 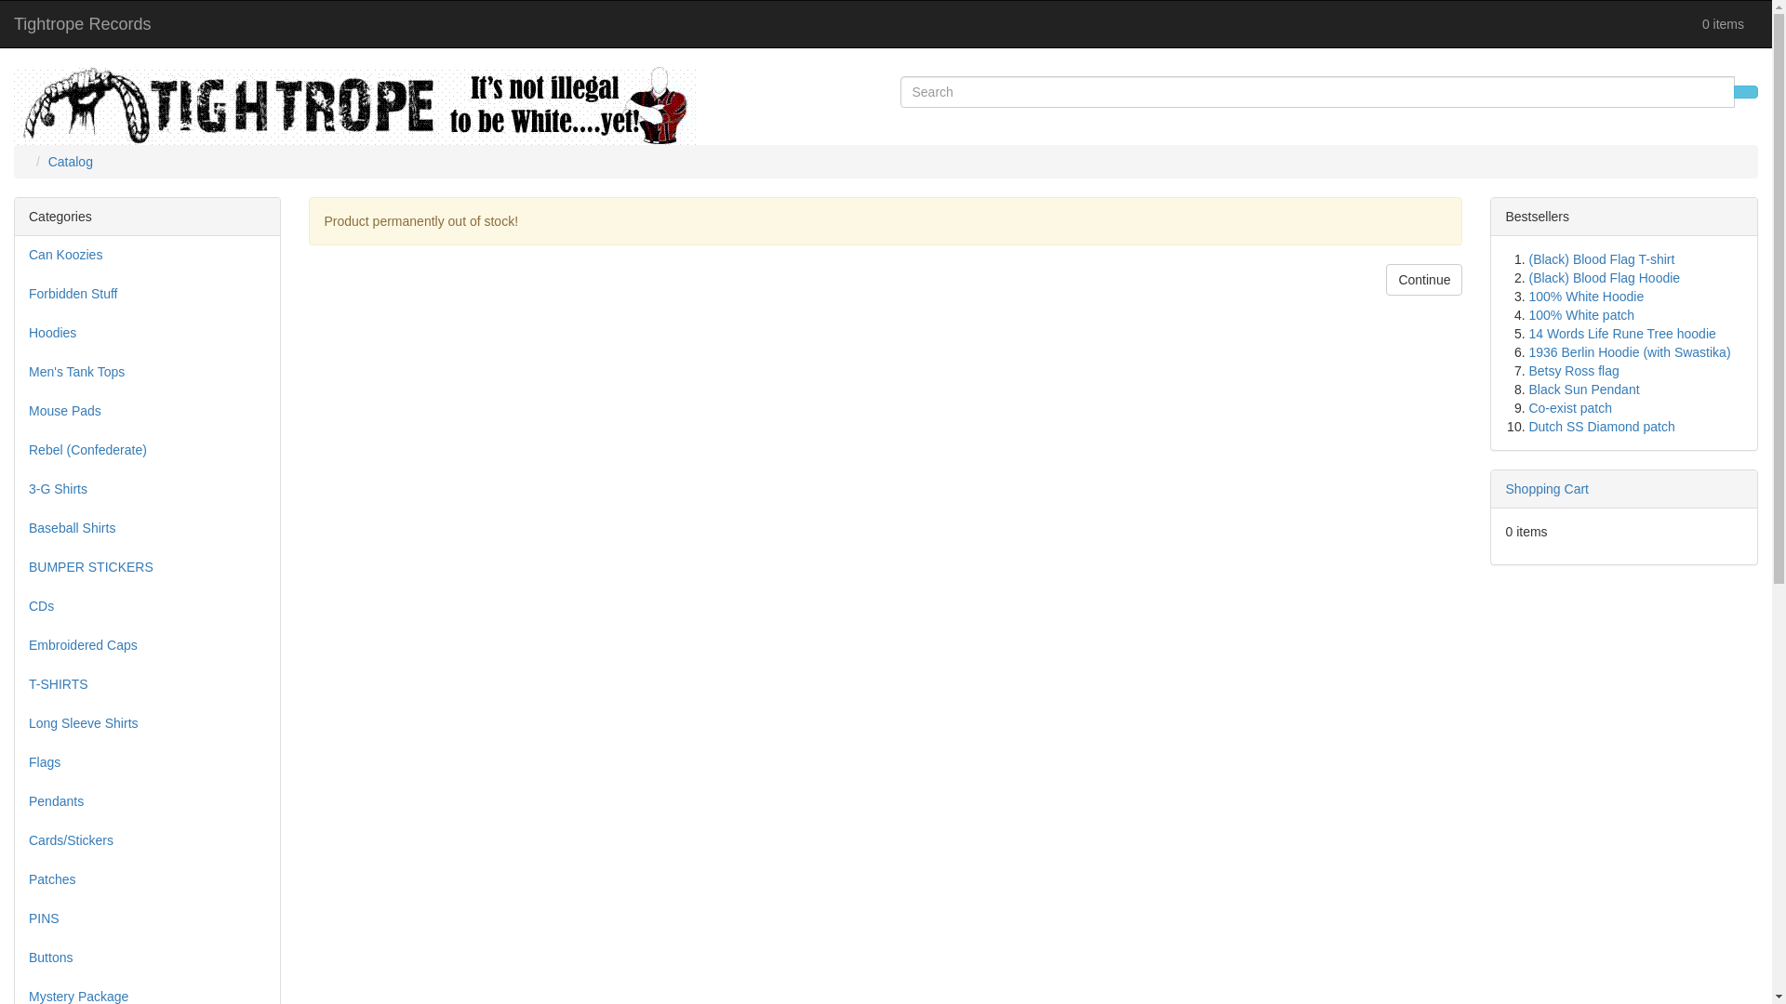 What do you see at coordinates (14, 684) in the screenshot?
I see `'T-SHIRTS'` at bounding box center [14, 684].